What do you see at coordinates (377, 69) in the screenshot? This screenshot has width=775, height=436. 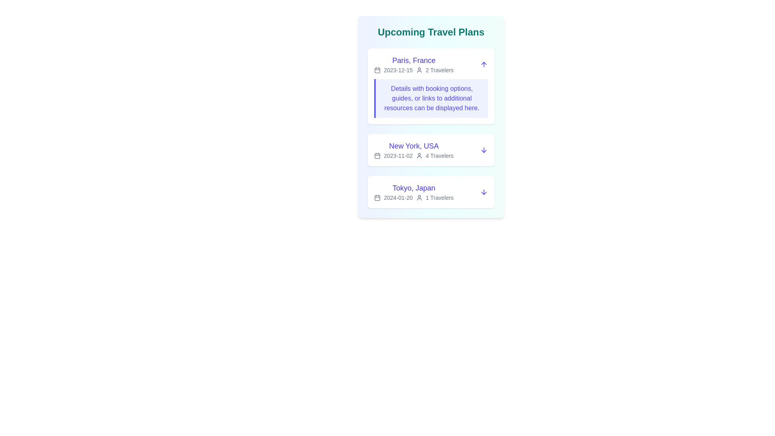 I see `the icon associated with Paris, France to examine it` at bounding box center [377, 69].